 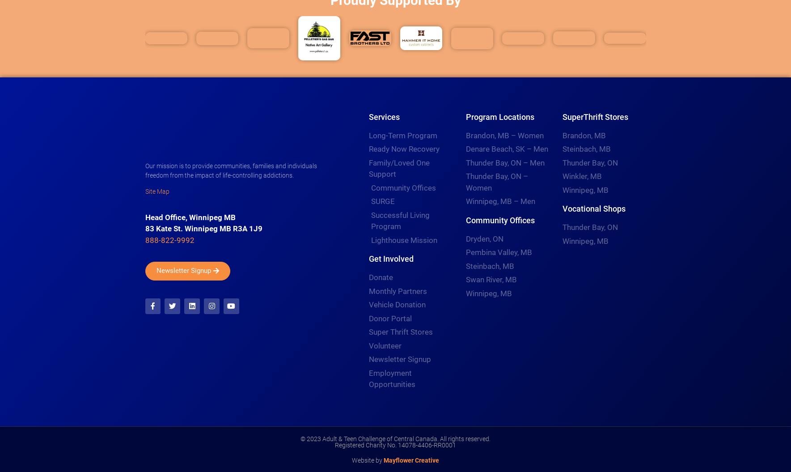 I want to click on 'Ready Now Recovery', so click(x=368, y=148).